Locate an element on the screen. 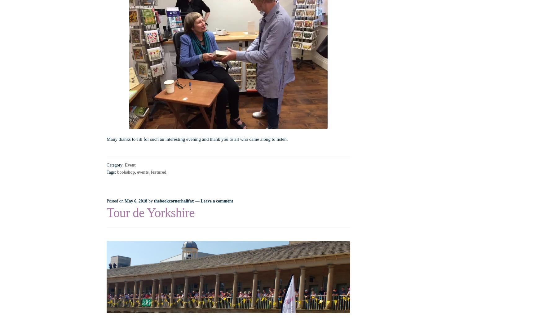 The image size is (543, 329). 'thebookcornerhalifax' is located at coordinates (153, 200).